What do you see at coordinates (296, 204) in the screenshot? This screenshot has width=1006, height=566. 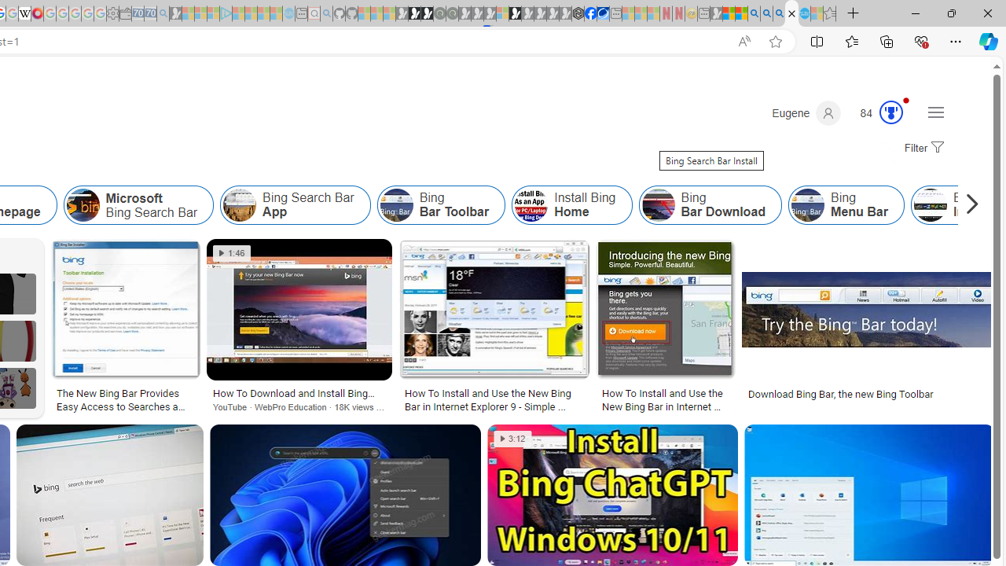 I see `'Bing Search Bar App'` at bounding box center [296, 204].